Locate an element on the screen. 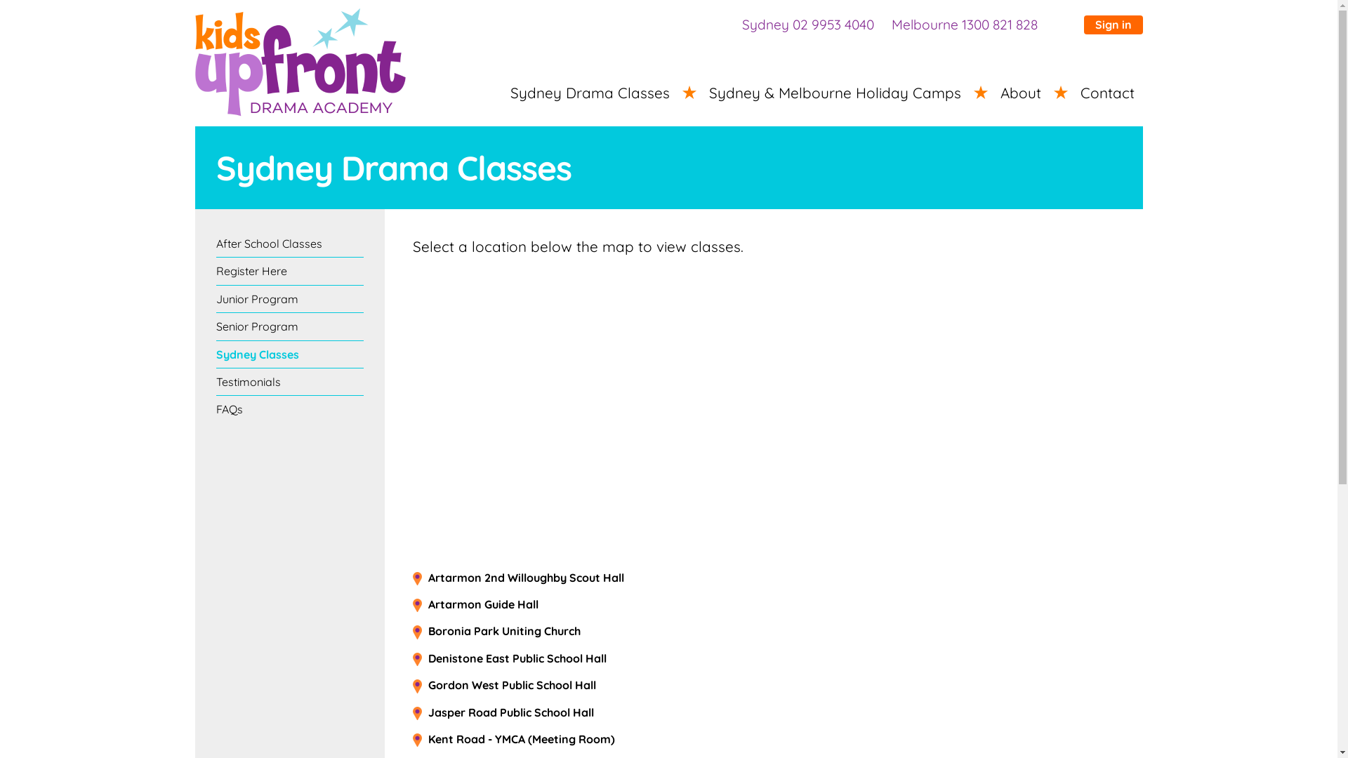 The width and height of the screenshot is (1348, 758). 'Contact' is located at coordinates (1106, 93).